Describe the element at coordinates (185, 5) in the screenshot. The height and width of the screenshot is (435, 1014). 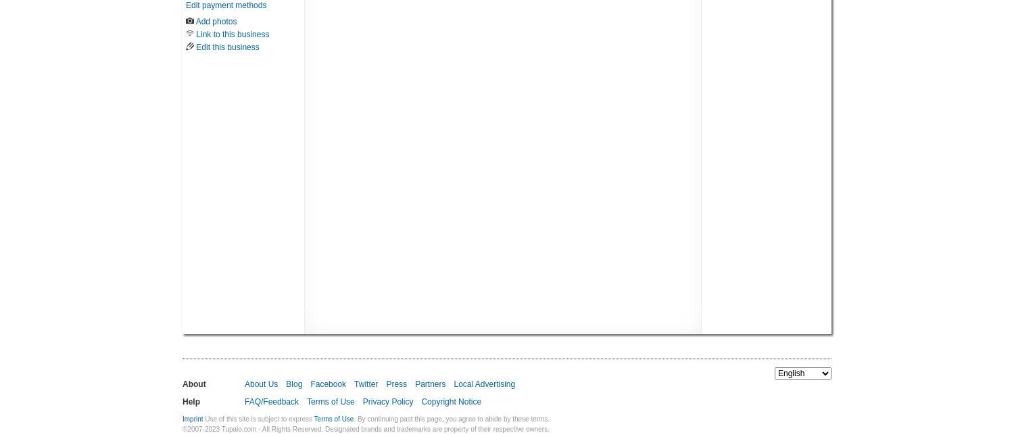
I see `'Edit payment methods'` at that location.